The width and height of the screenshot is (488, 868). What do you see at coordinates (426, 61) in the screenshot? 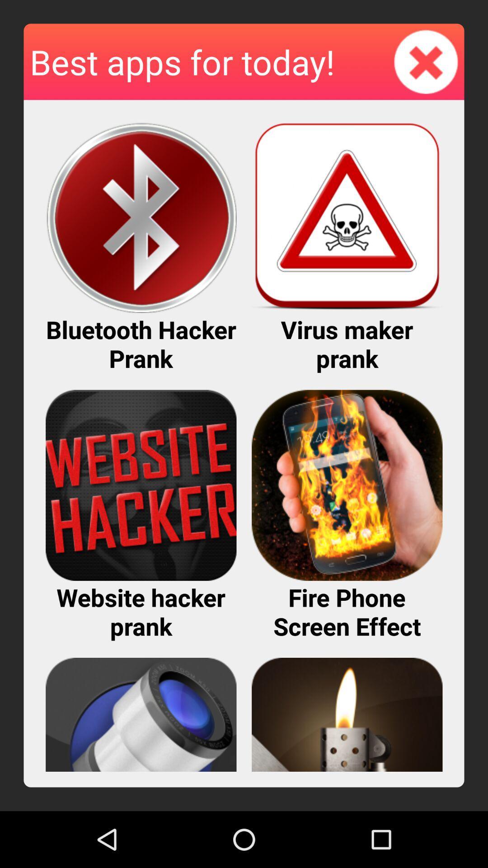
I see `item next to the best apps for` at bounding box center [426, 61].